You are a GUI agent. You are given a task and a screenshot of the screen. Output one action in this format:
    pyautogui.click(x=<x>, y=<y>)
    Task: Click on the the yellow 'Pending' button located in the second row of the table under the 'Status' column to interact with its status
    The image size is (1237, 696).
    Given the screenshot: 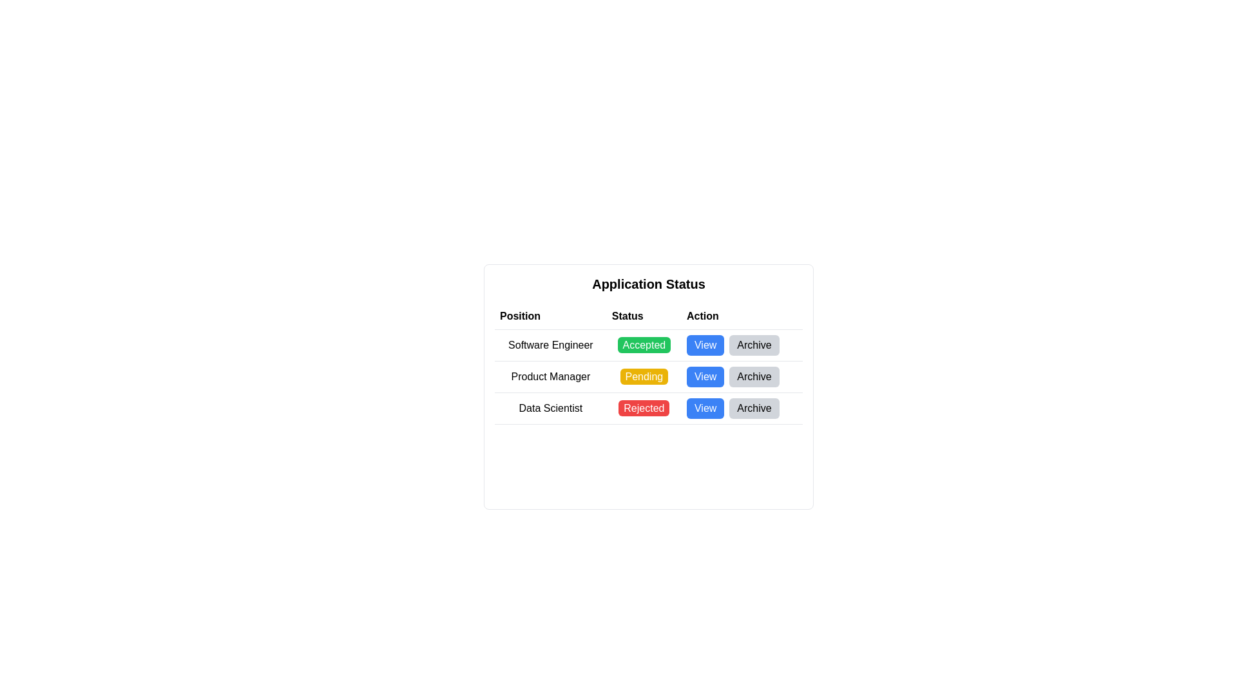 What is the action you would take?
    pyautogui.click(x=649, y=377)
    